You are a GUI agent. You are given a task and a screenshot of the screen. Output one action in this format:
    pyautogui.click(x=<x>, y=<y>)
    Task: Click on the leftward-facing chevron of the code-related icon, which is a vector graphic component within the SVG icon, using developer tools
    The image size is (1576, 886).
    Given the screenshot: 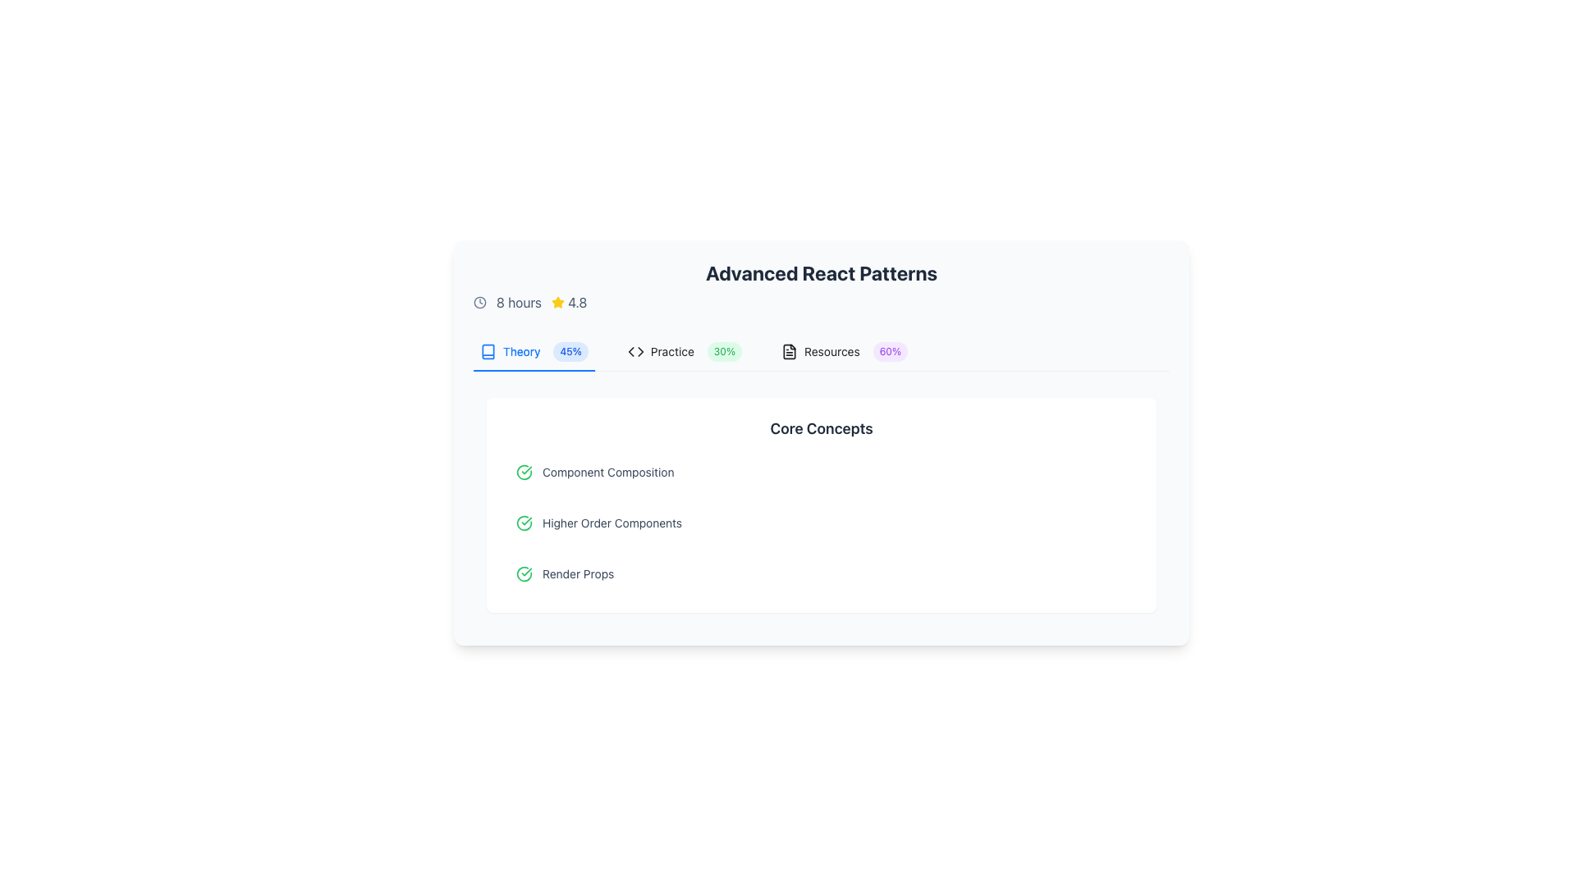 What is the action you would take?
    pyautogui.click(x=630, y=350)
    